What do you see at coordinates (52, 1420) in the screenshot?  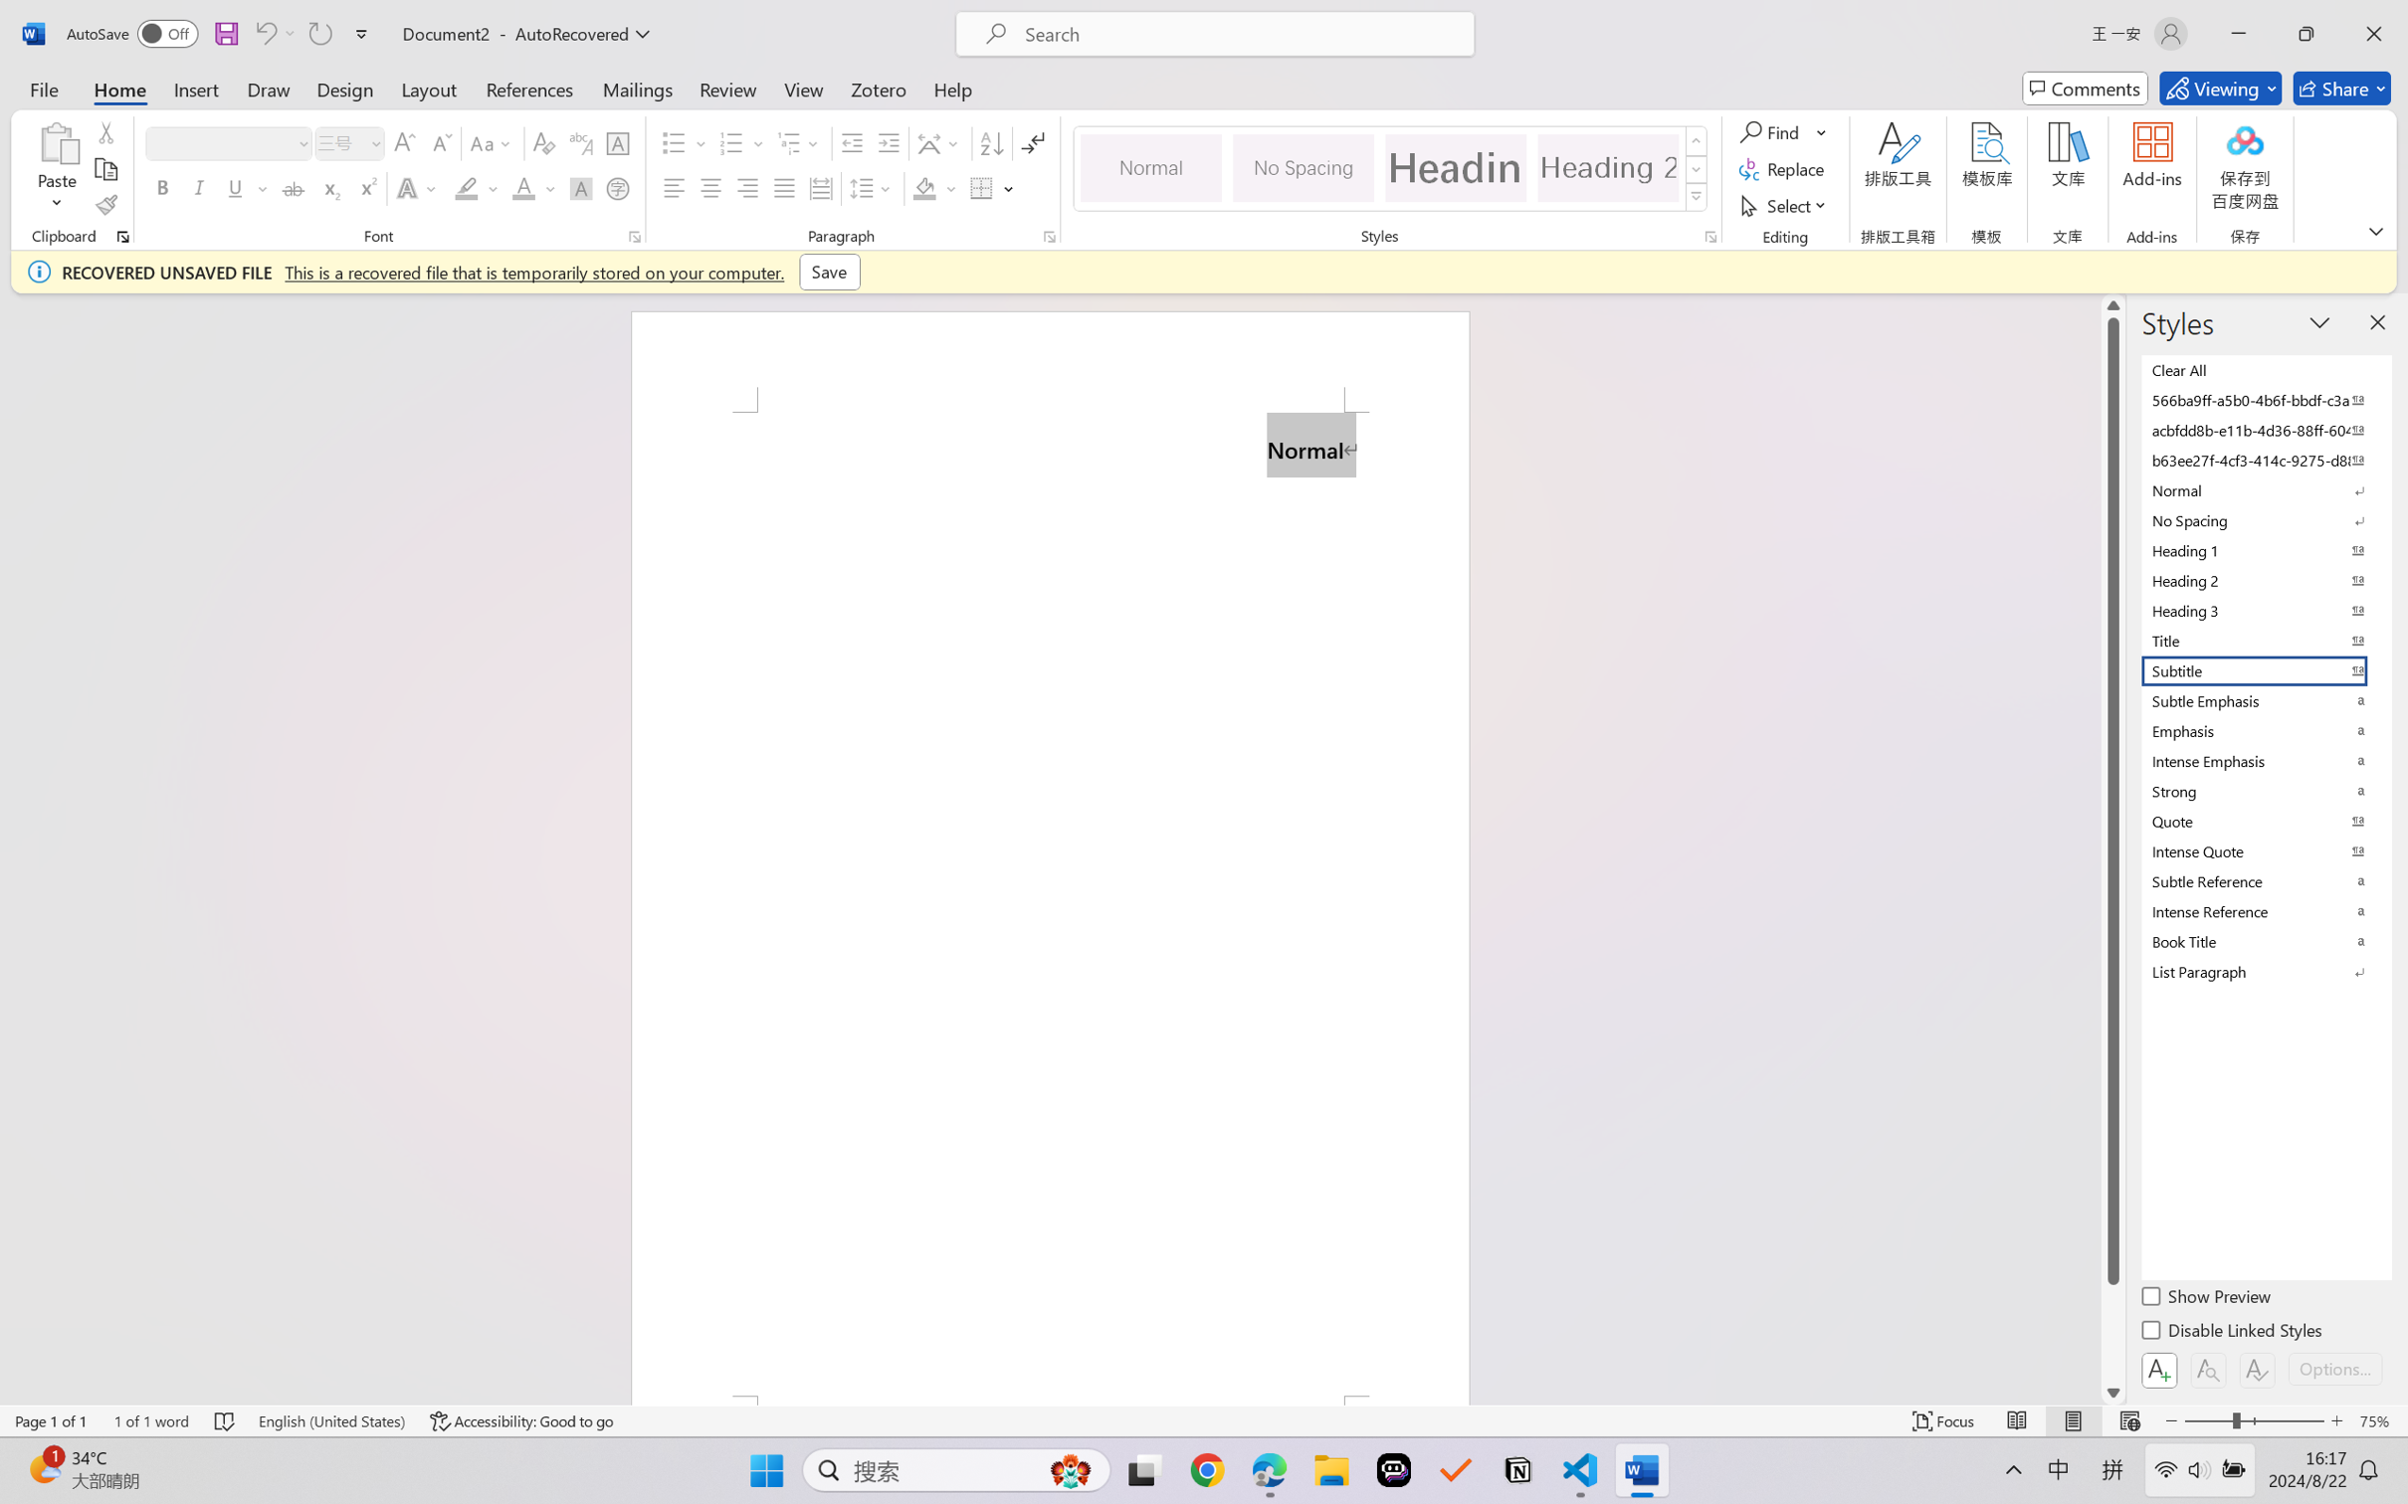 I see `'Page Number Page 1 of 1'` at bounding box center [52, 1420].